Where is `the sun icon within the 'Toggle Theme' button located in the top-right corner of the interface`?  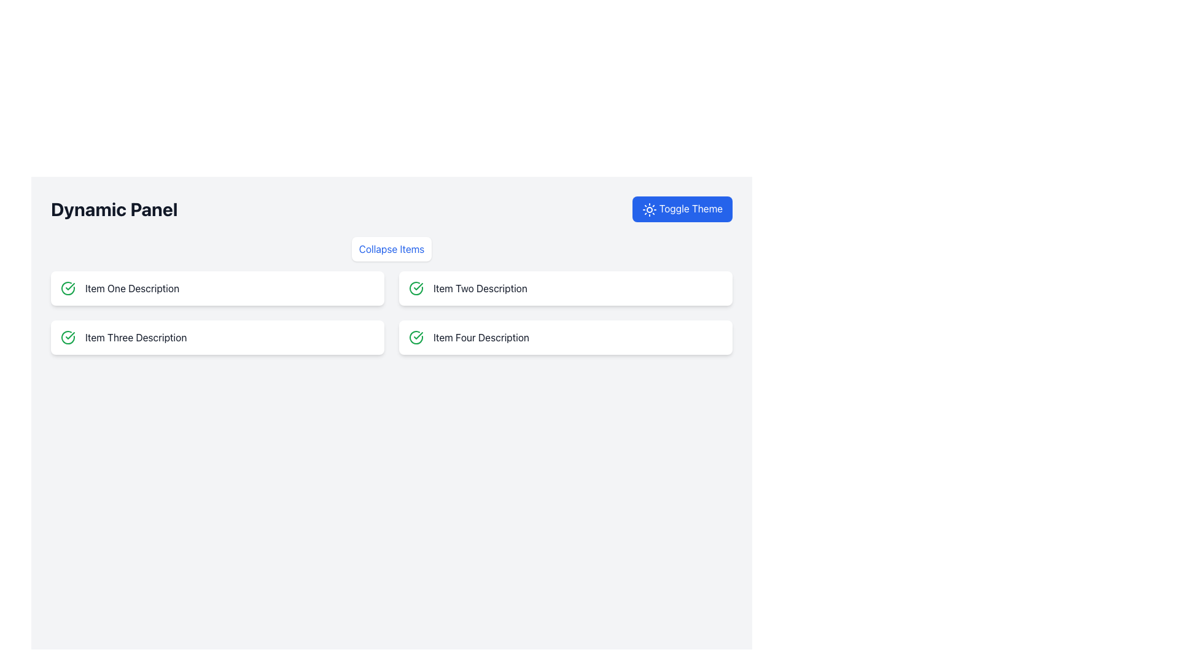
the sun icon within the 'Toggle Theme' button located in the top-right corner of the interface is located at coordinates (648, 209).